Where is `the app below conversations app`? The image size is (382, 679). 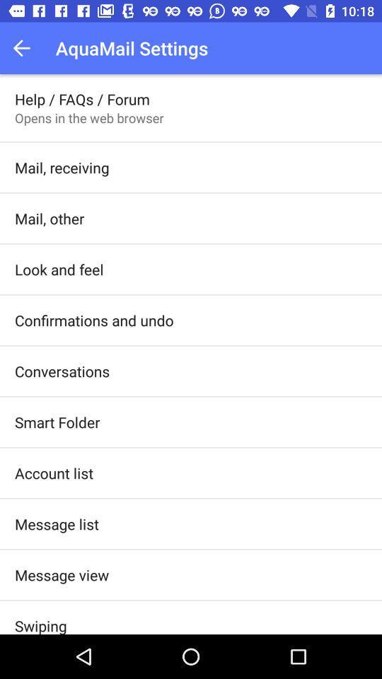 the app below conversations app is located at coordinates (57, 422).